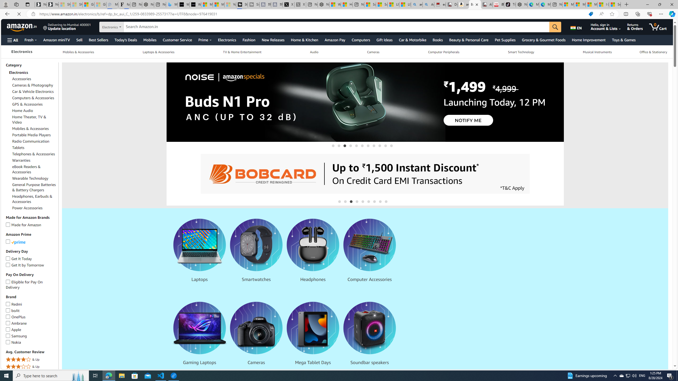  Describe the element at coordinates (334, 4) in the screenshot. I see `'Wildlife - MSN'` at that location.